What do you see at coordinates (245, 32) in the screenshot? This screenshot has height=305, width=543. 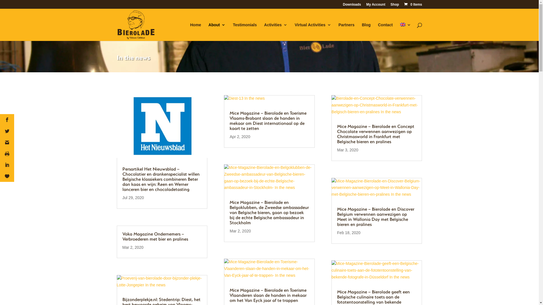 I see `'Testimonials'` at bounding box center [245, 32].